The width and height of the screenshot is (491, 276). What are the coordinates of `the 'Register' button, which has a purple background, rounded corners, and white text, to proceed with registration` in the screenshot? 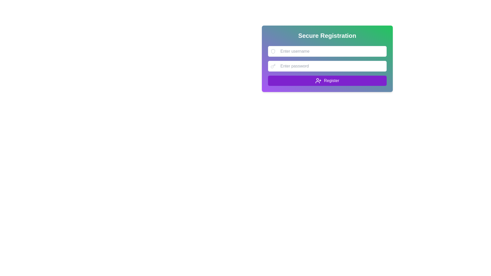 It's located at (327, 80).